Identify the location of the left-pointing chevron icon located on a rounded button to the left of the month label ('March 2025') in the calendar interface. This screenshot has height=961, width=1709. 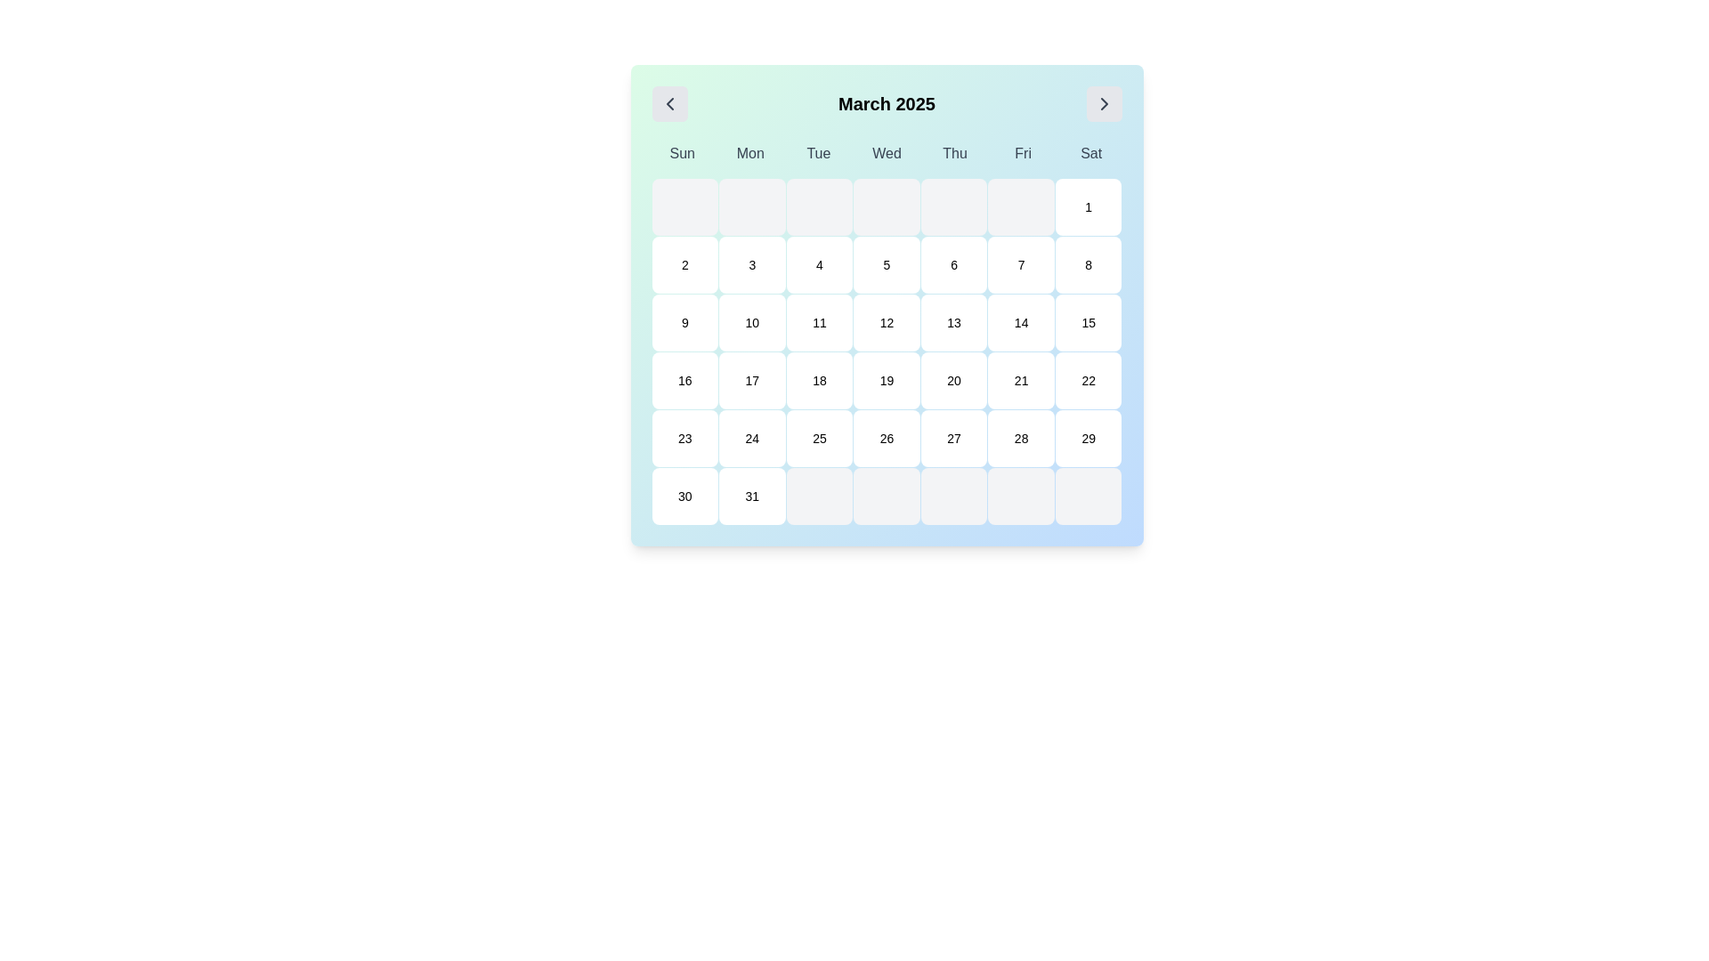
(668, 103).